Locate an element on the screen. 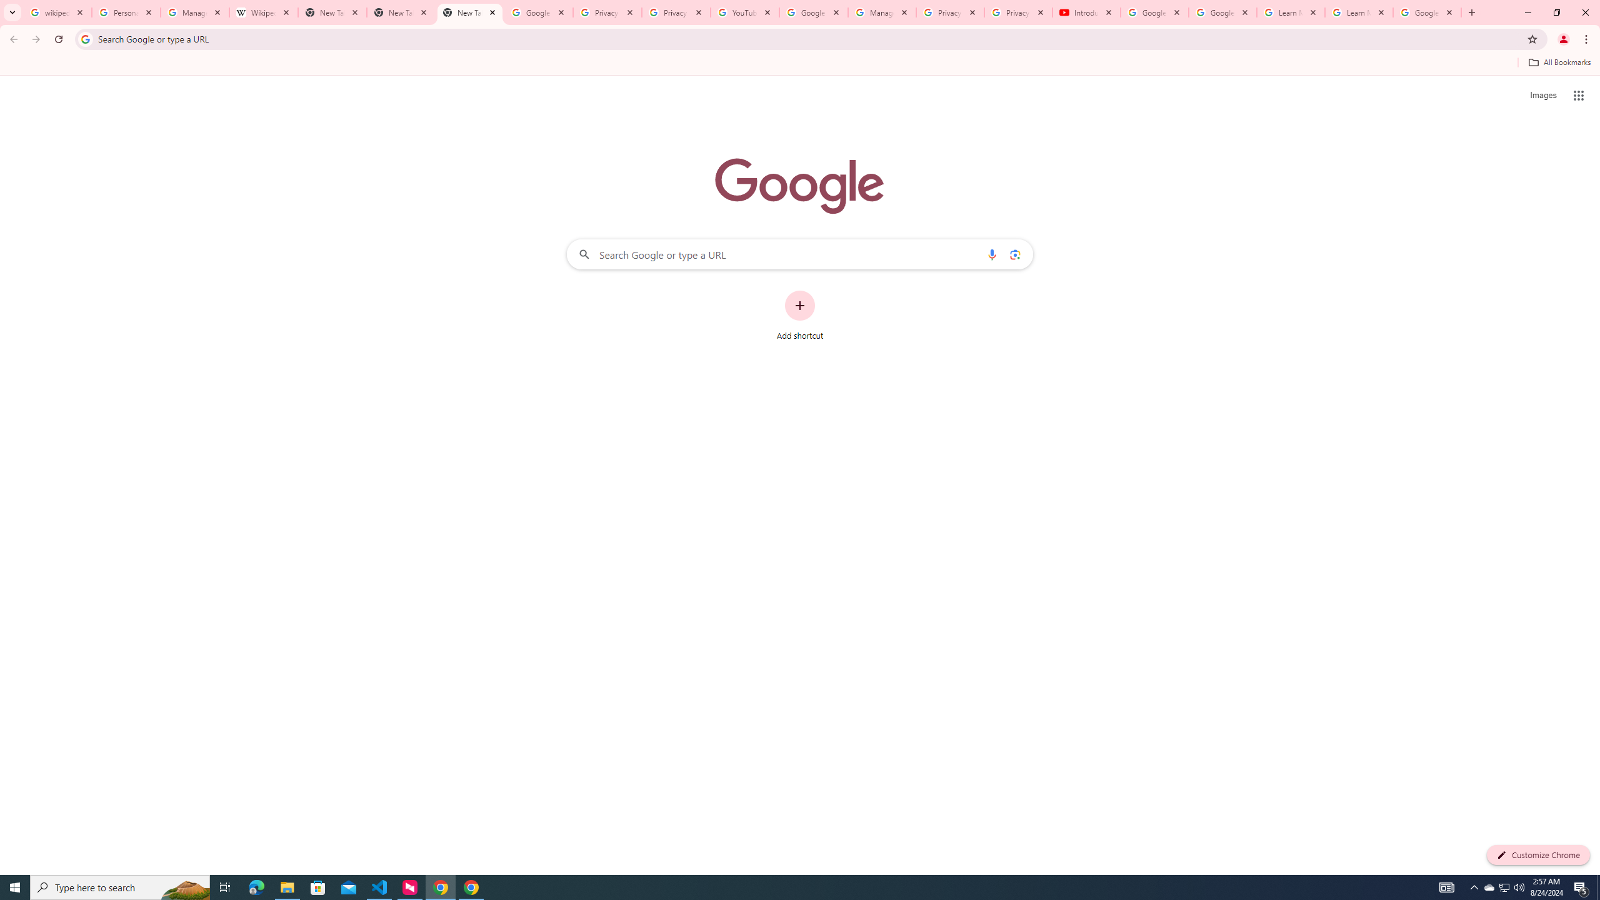  'Google Account Help' is located at coordinates (1154, 12).